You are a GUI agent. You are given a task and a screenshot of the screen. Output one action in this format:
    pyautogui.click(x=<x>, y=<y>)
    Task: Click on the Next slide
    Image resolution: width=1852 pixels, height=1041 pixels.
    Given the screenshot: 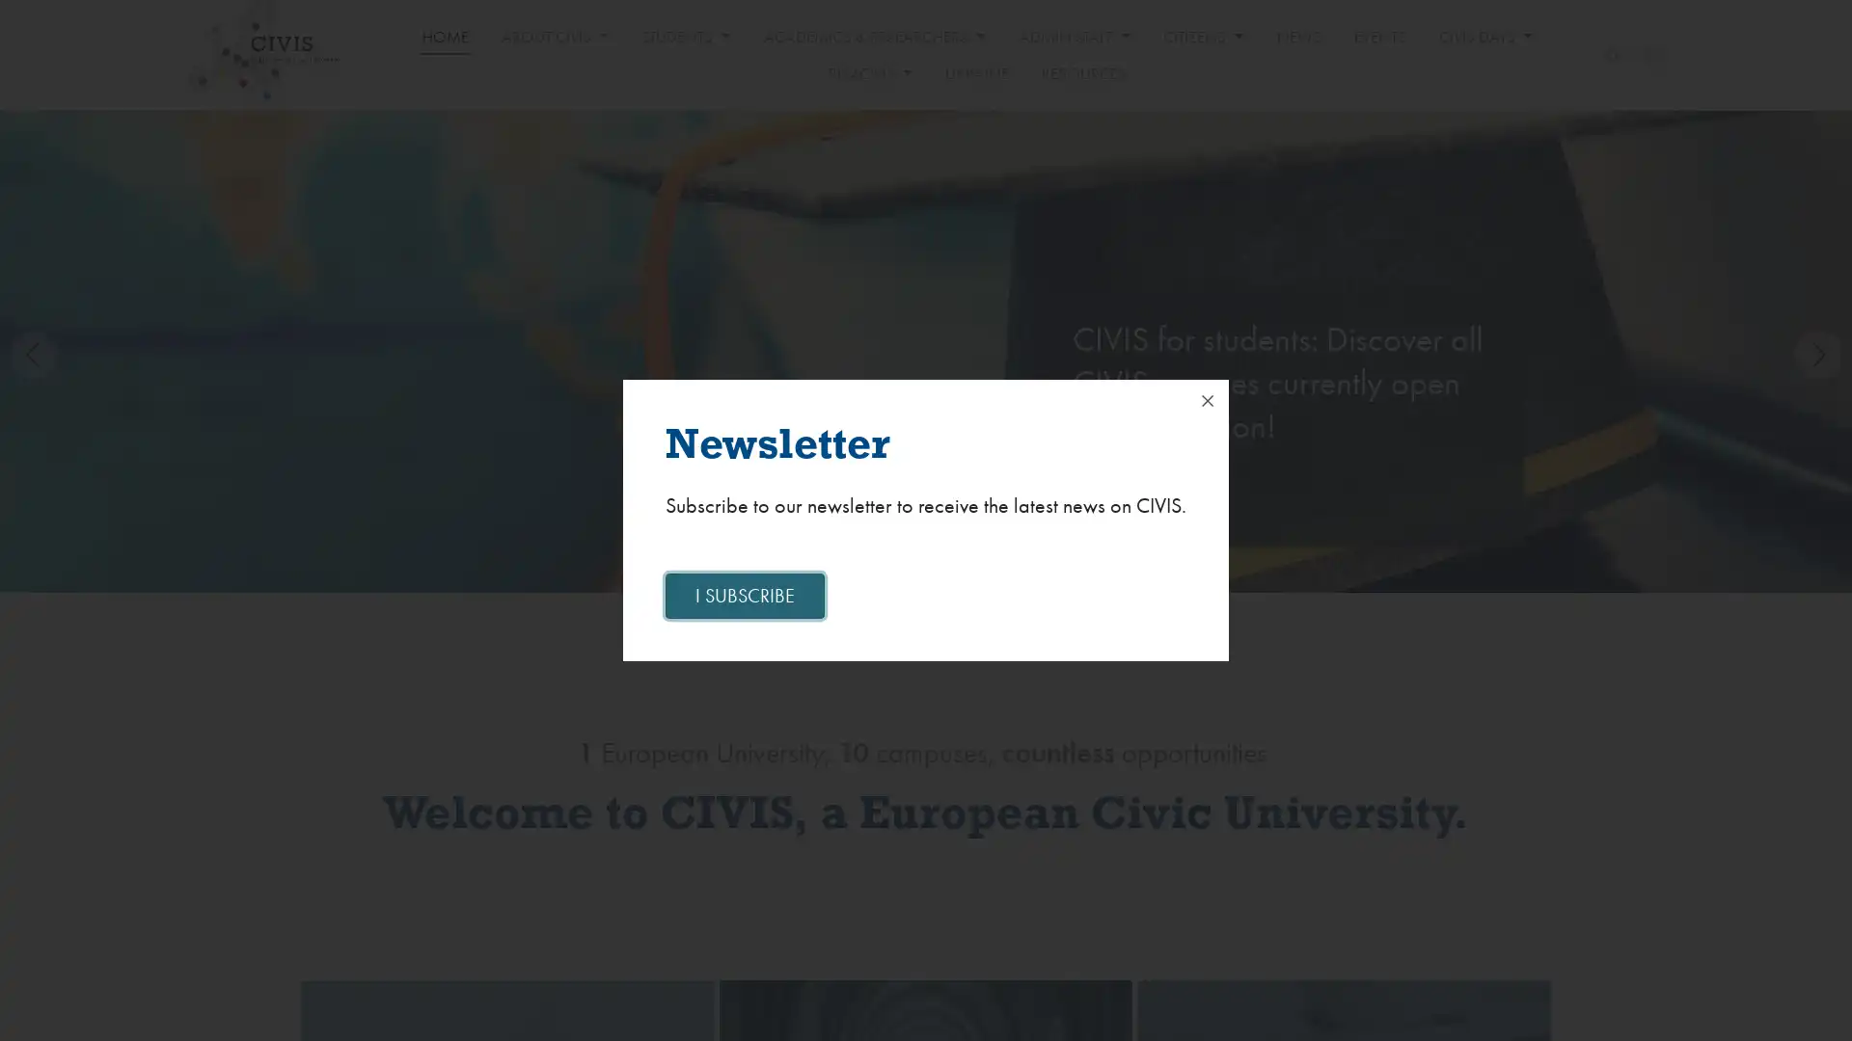 What is the action you would take?
    pyautogui.click(x=1817, y=354)
    